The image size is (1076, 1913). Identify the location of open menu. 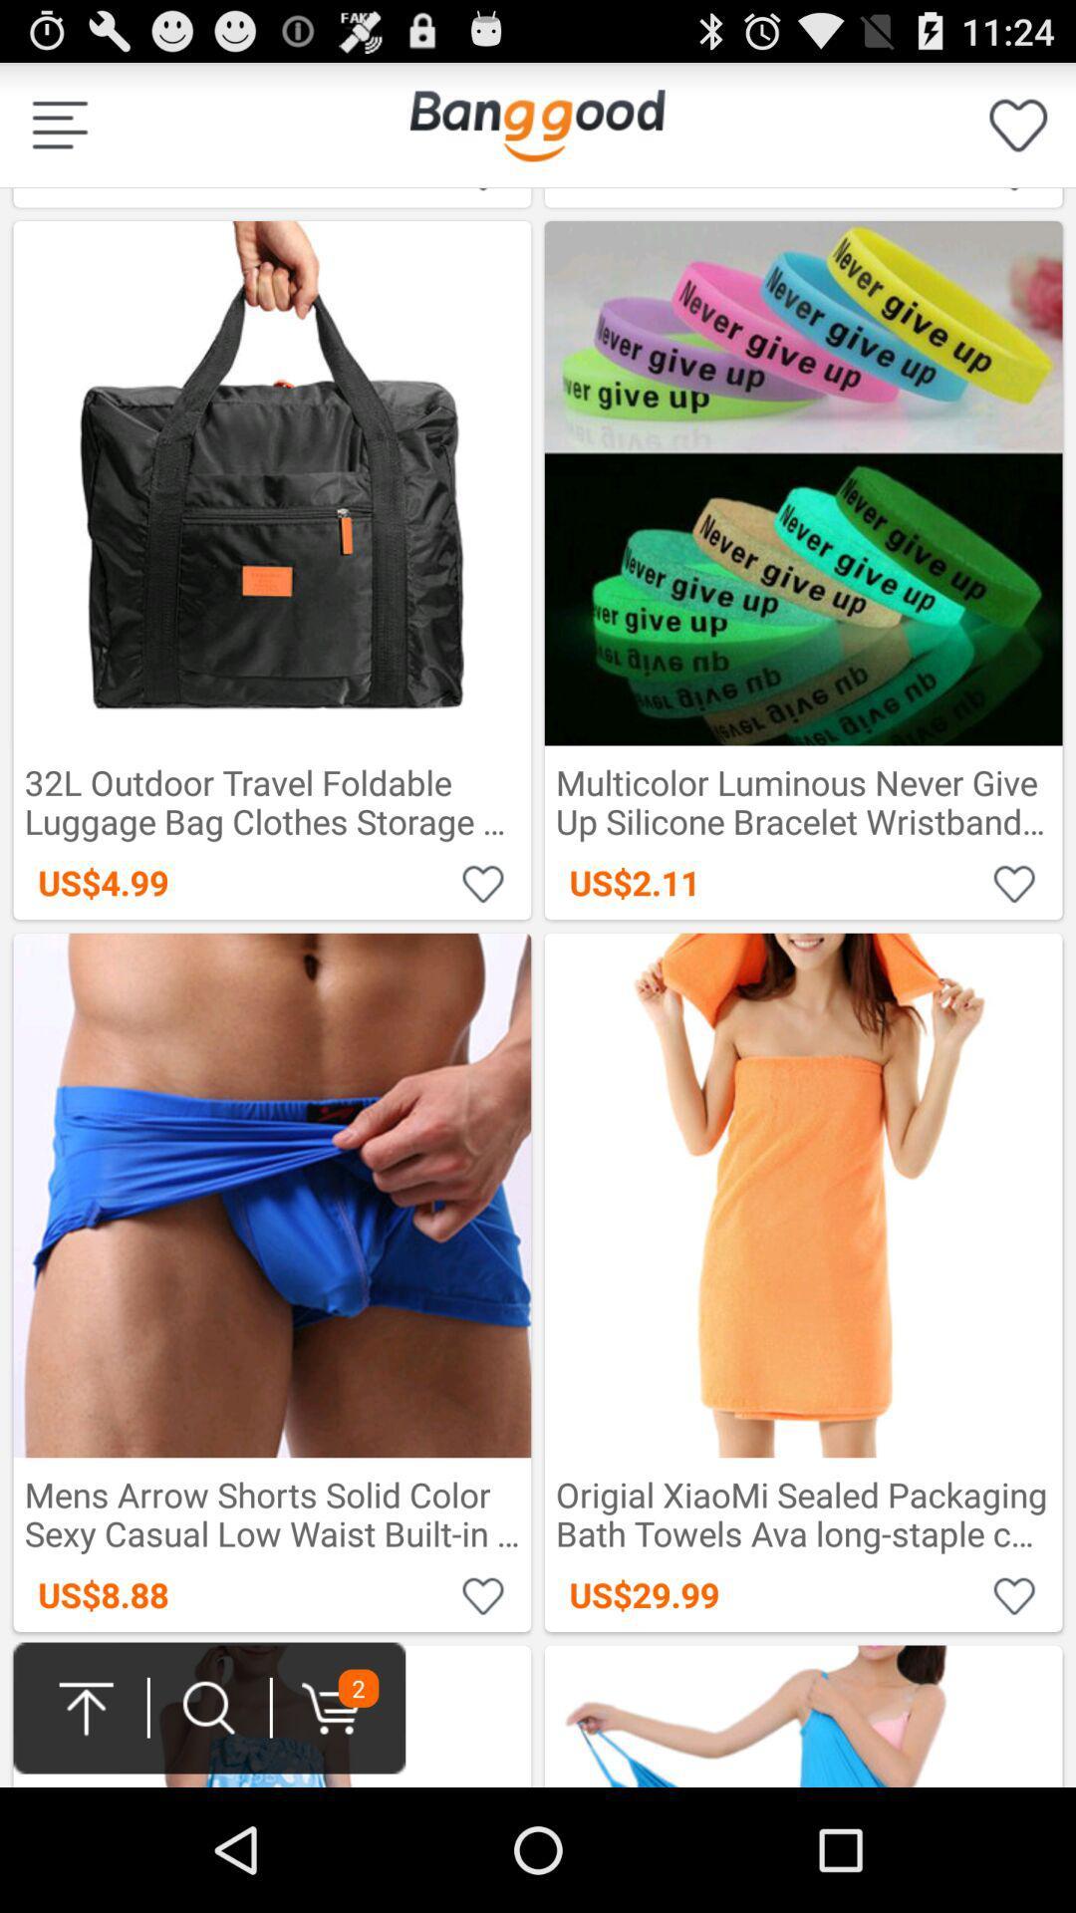
(59, 124).